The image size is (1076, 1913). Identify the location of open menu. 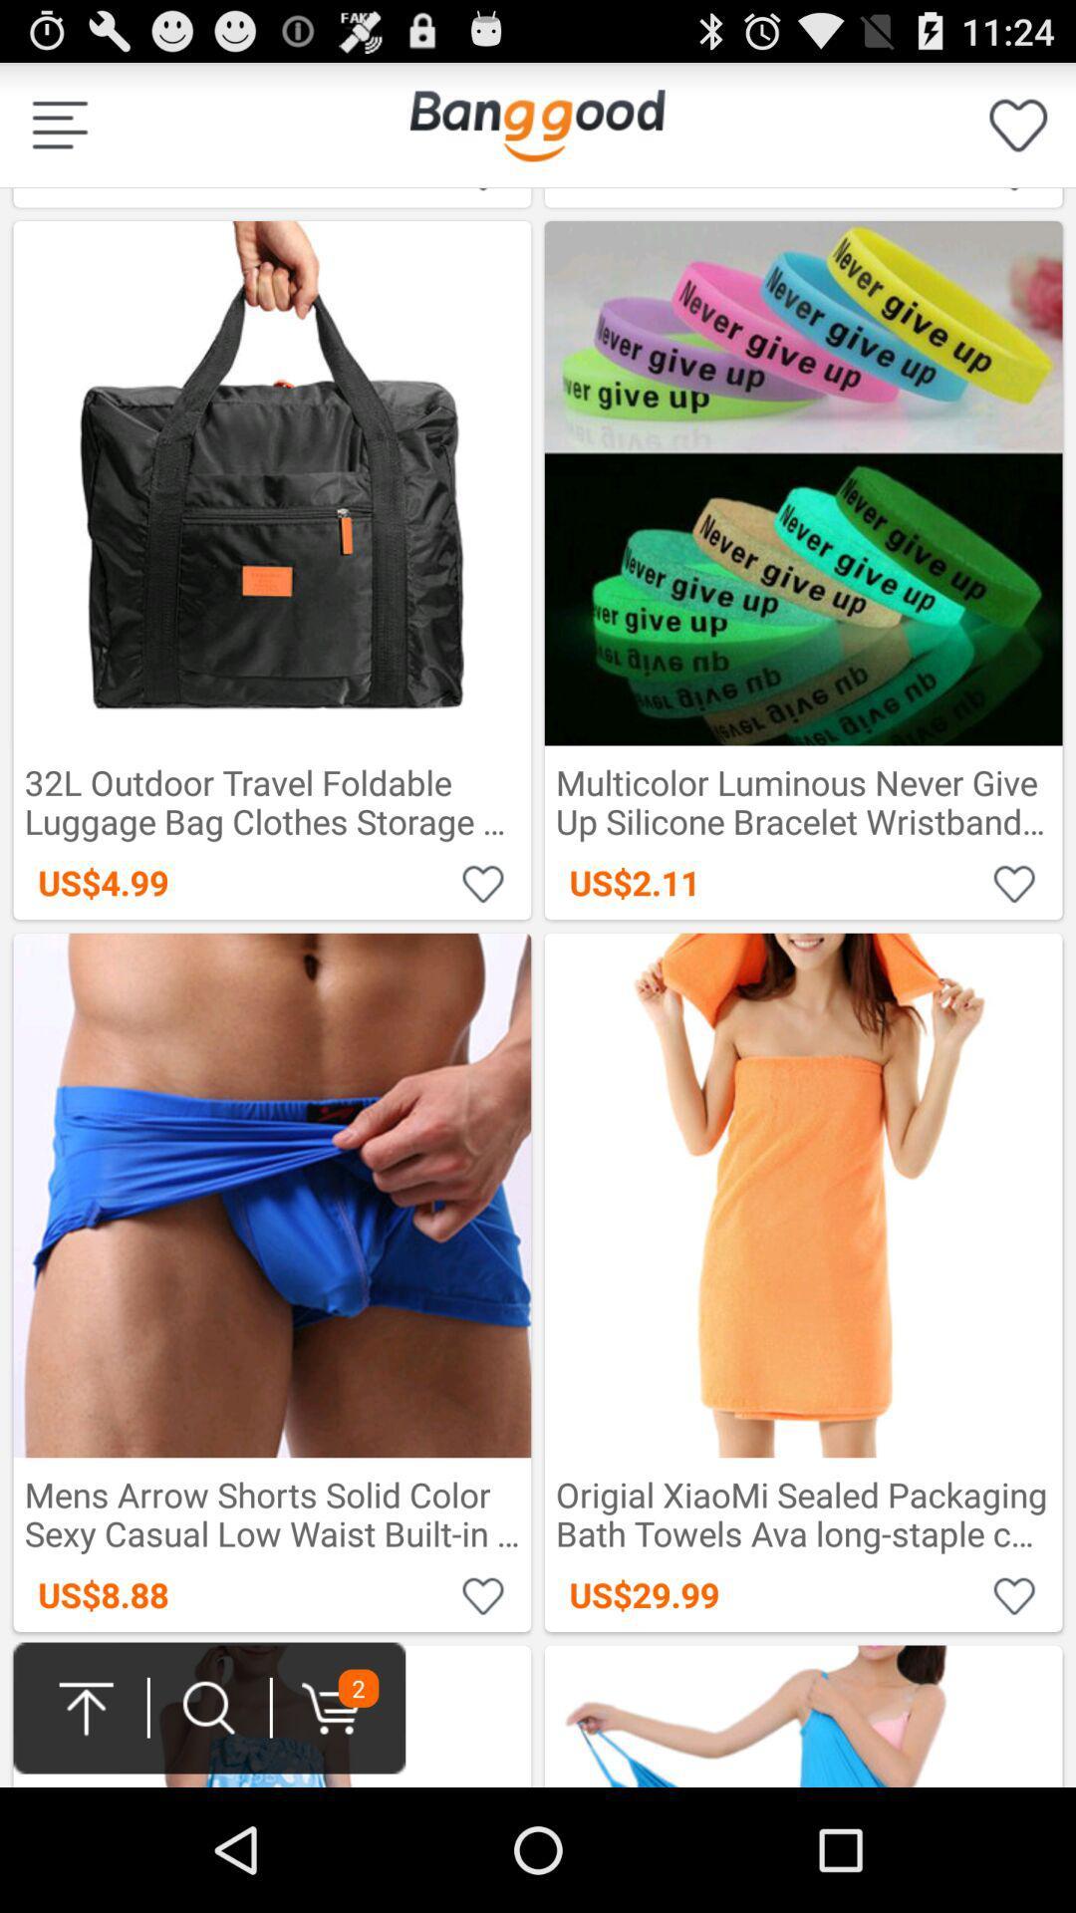
(59, 124).